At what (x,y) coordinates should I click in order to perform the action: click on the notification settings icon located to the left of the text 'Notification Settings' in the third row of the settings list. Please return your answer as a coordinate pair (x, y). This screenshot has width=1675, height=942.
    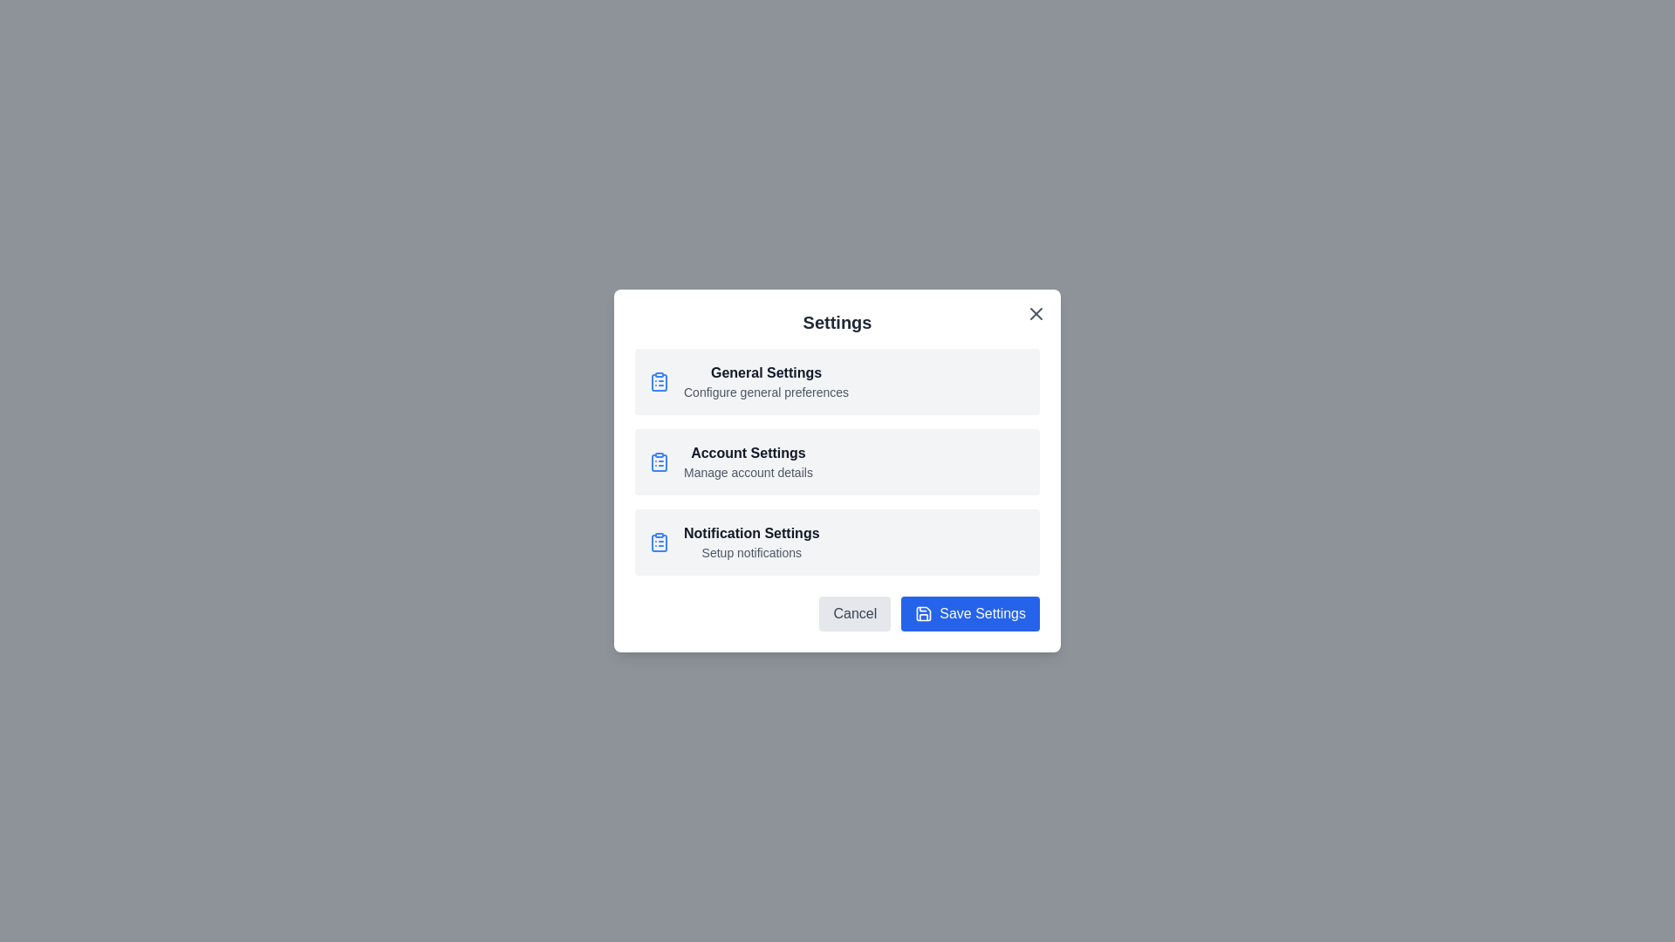
    Looking at the image, I should click on (658, 541).